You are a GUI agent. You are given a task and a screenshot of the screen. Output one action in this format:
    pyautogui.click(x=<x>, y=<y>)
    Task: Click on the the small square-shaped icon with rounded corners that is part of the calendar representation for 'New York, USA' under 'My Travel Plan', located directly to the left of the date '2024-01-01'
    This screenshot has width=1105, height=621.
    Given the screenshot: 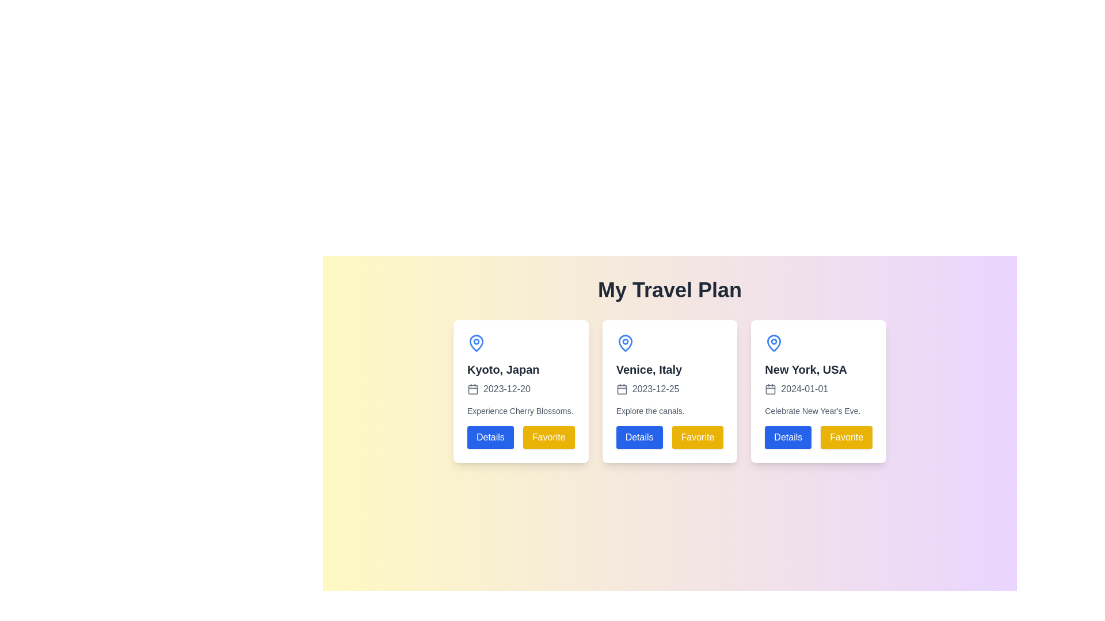 What is the action you would take?
    pyautogui.click(x=771, y=389)
    